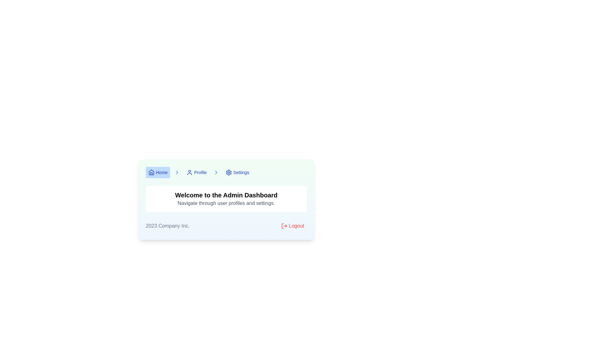 This screenshot has width=606, height=340. Describe the element at coordinates (168, 225) in the screenshot. I see `the '2023 Company Inc.' text label` at that location.